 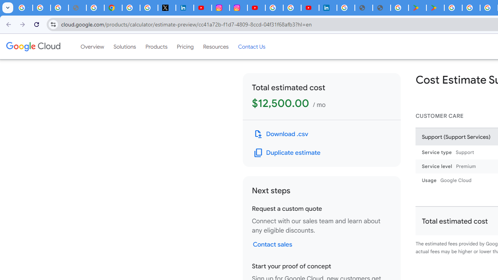 I want to click on 'support.google.com - Network error', so click(x=77, y=8).